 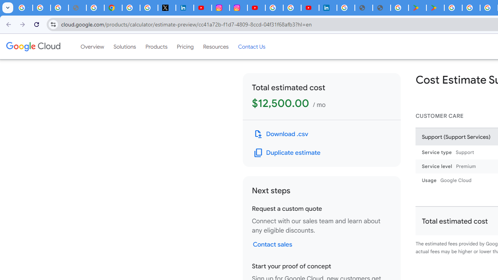 I want to click on 'support.google.com - Network error', so click(x=77, y=8).